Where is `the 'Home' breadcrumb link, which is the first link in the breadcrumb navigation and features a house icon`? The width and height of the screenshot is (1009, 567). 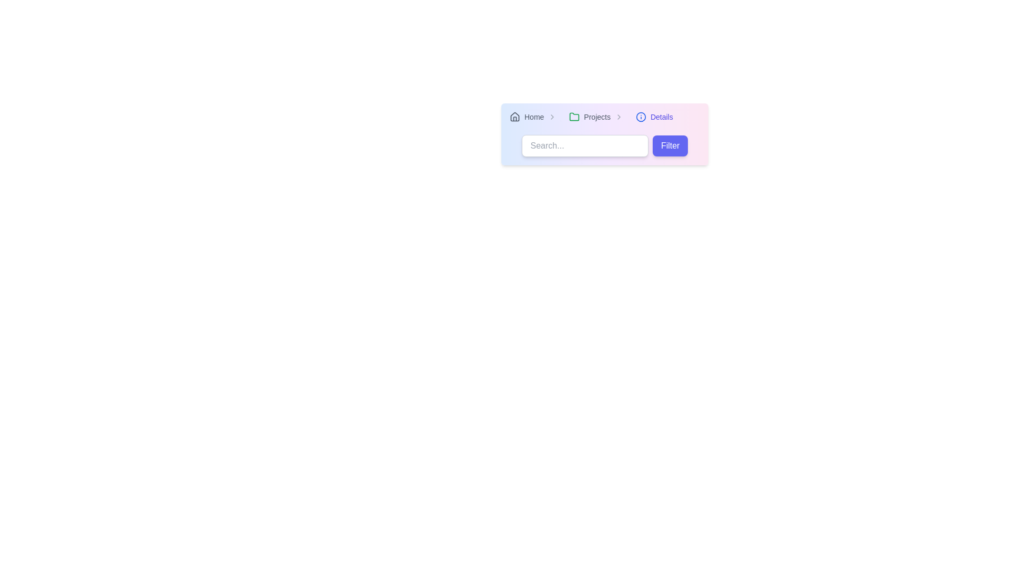
the 'Home' breadcrumb link, which is the first link in the breadcrumb navigation and features a house icon is located at coordinates (535, 117).